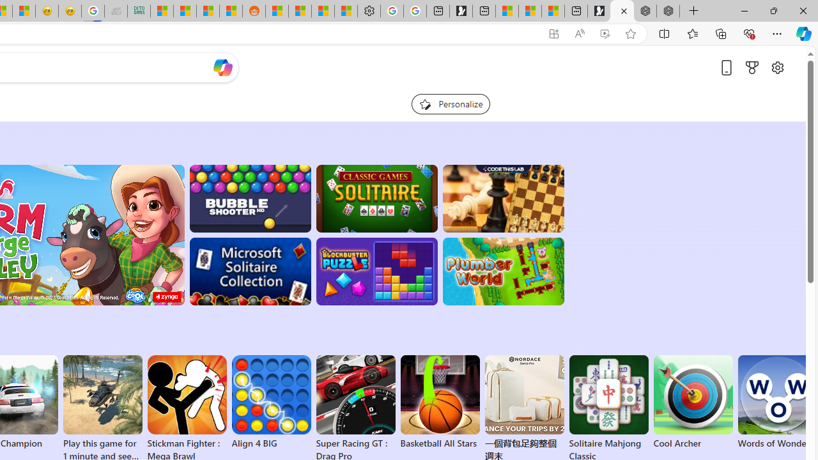 The width and height of the screenshot is (818, 460). I want to click on 'Microsoft Solitaire Collection', so click(250, 271).